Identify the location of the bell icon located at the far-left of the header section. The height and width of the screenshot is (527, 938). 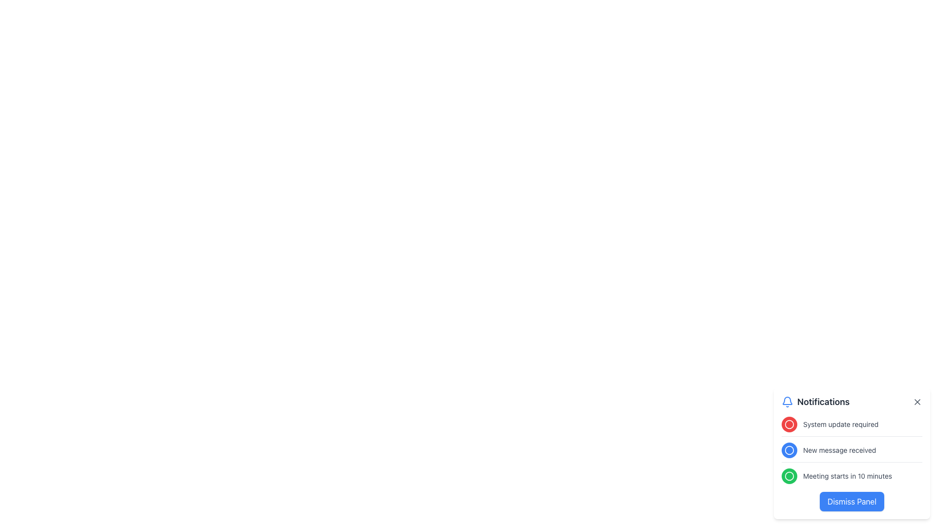
(788, 402).